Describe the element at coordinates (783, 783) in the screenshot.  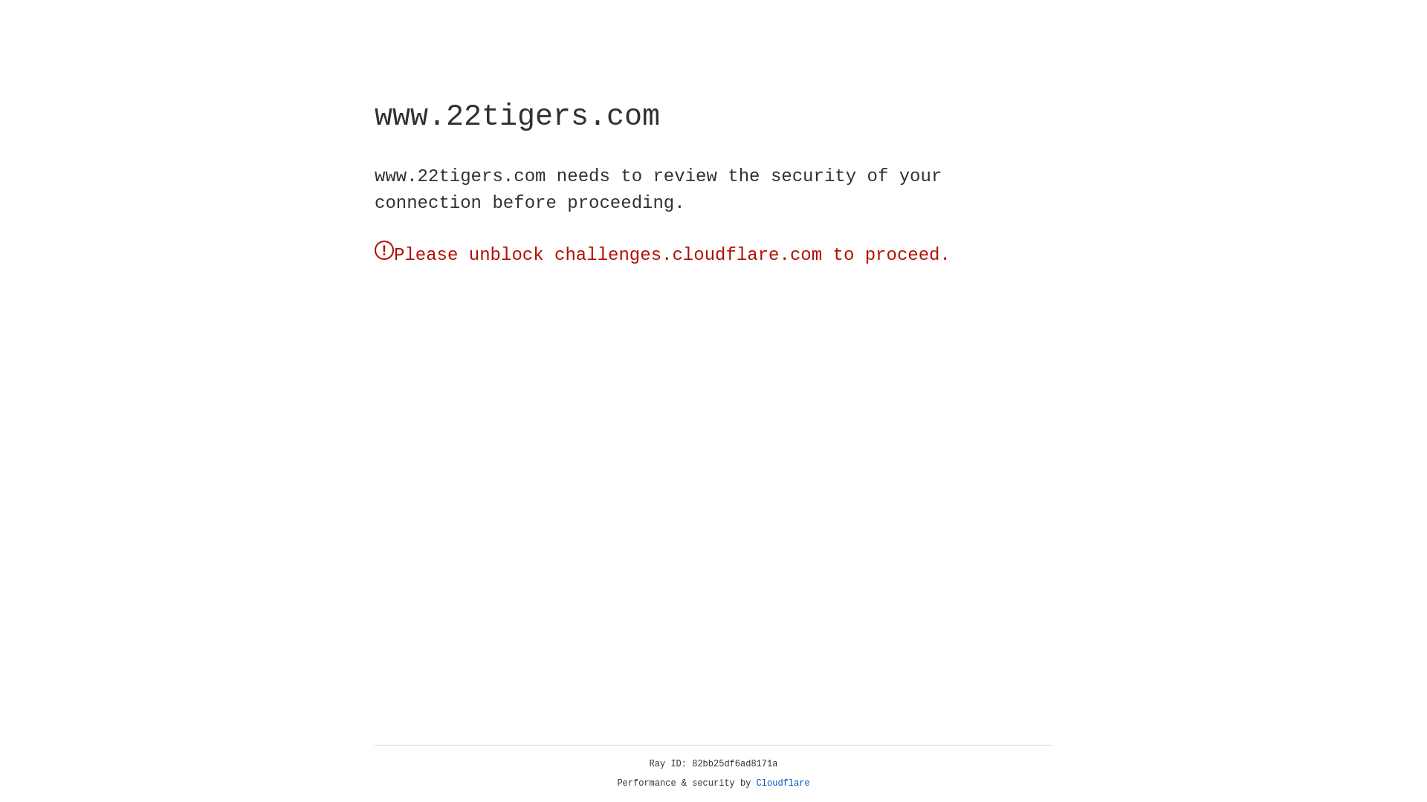
I see `'Cloudflare'` at that location.